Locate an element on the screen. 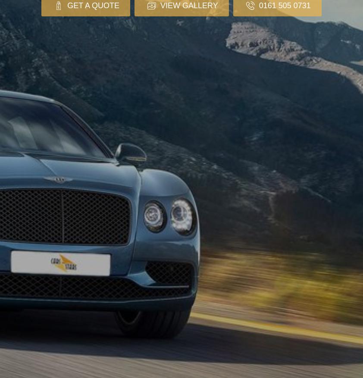  'online form' is located at coordinates (208, 6).